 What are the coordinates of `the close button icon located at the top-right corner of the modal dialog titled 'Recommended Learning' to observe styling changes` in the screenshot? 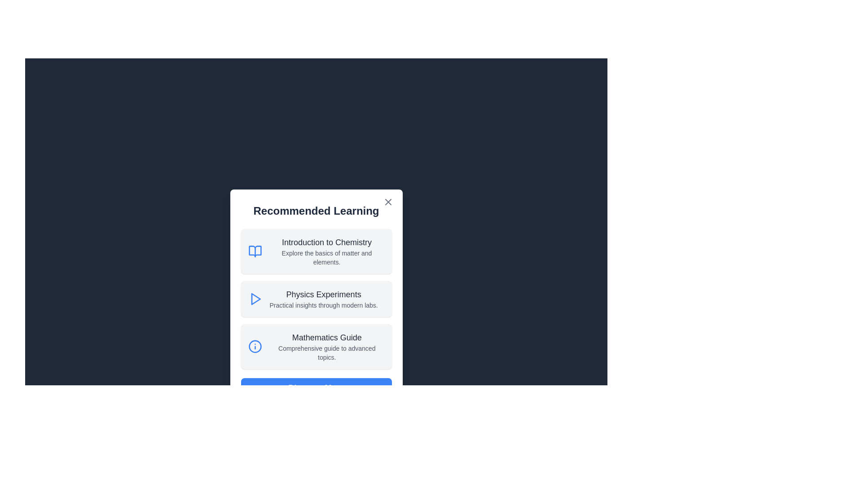 It's located at (388, 202).